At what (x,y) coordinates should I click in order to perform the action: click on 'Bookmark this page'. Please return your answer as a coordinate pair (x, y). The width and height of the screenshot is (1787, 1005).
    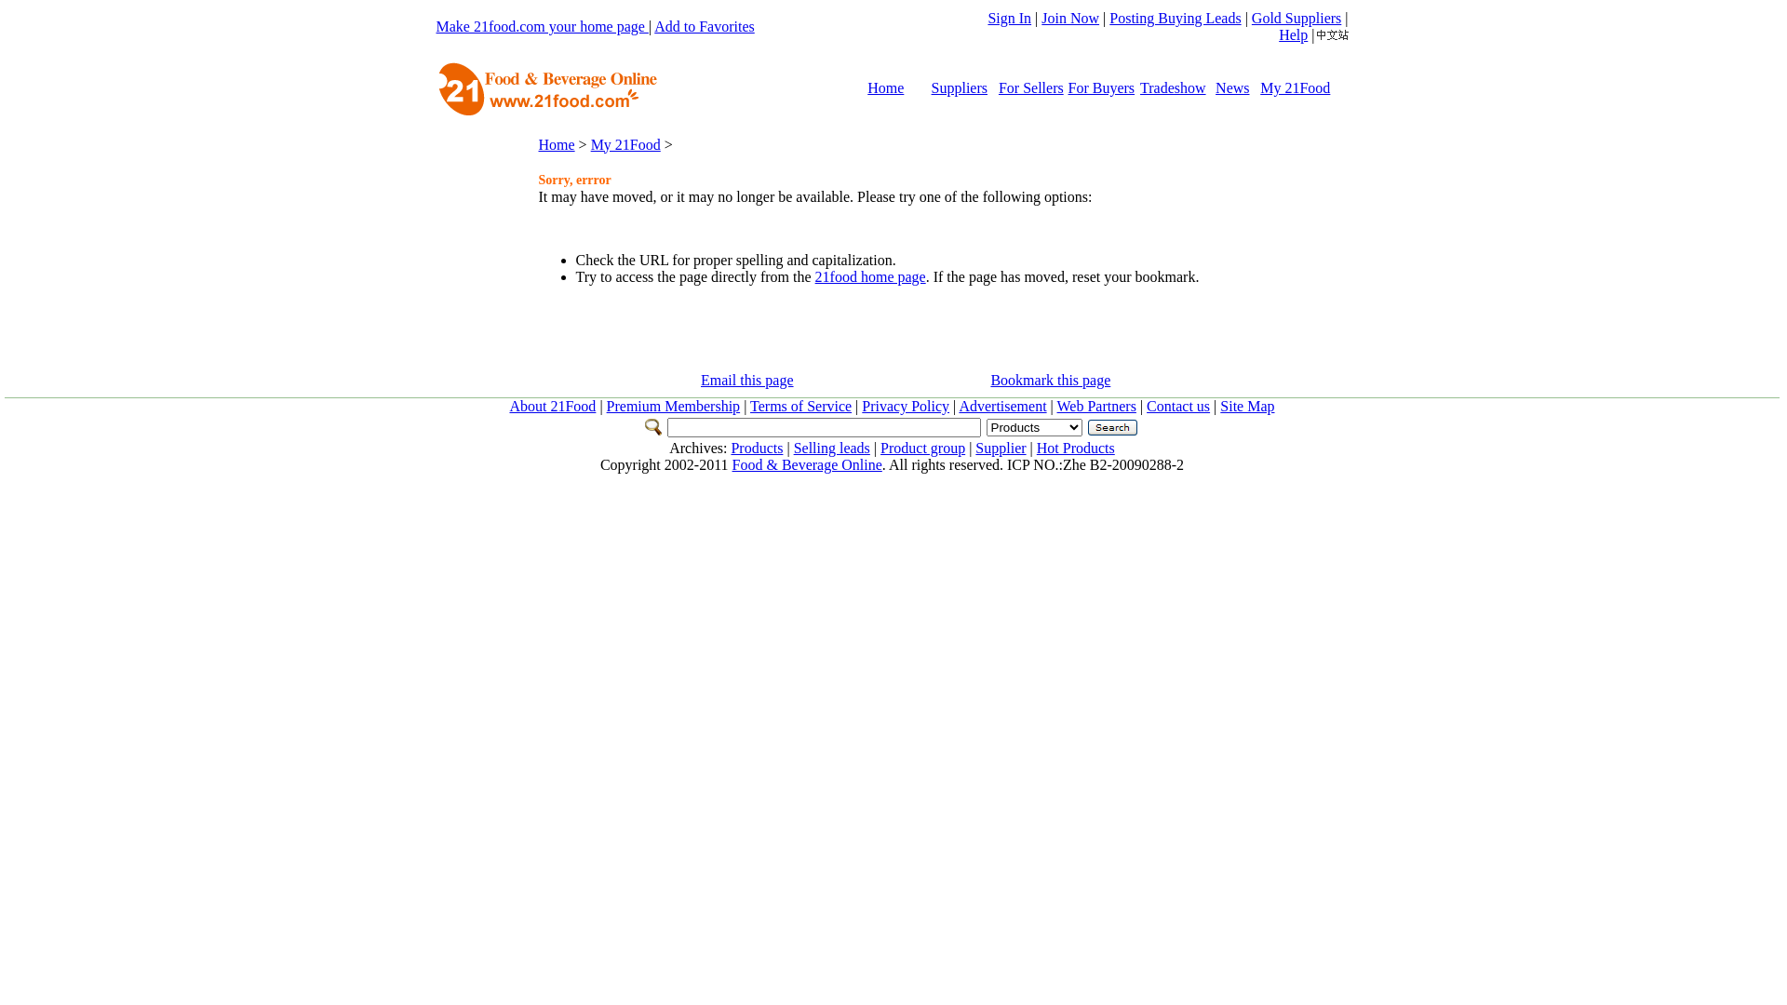
    Looking at the image, I should click on (1050, 379).